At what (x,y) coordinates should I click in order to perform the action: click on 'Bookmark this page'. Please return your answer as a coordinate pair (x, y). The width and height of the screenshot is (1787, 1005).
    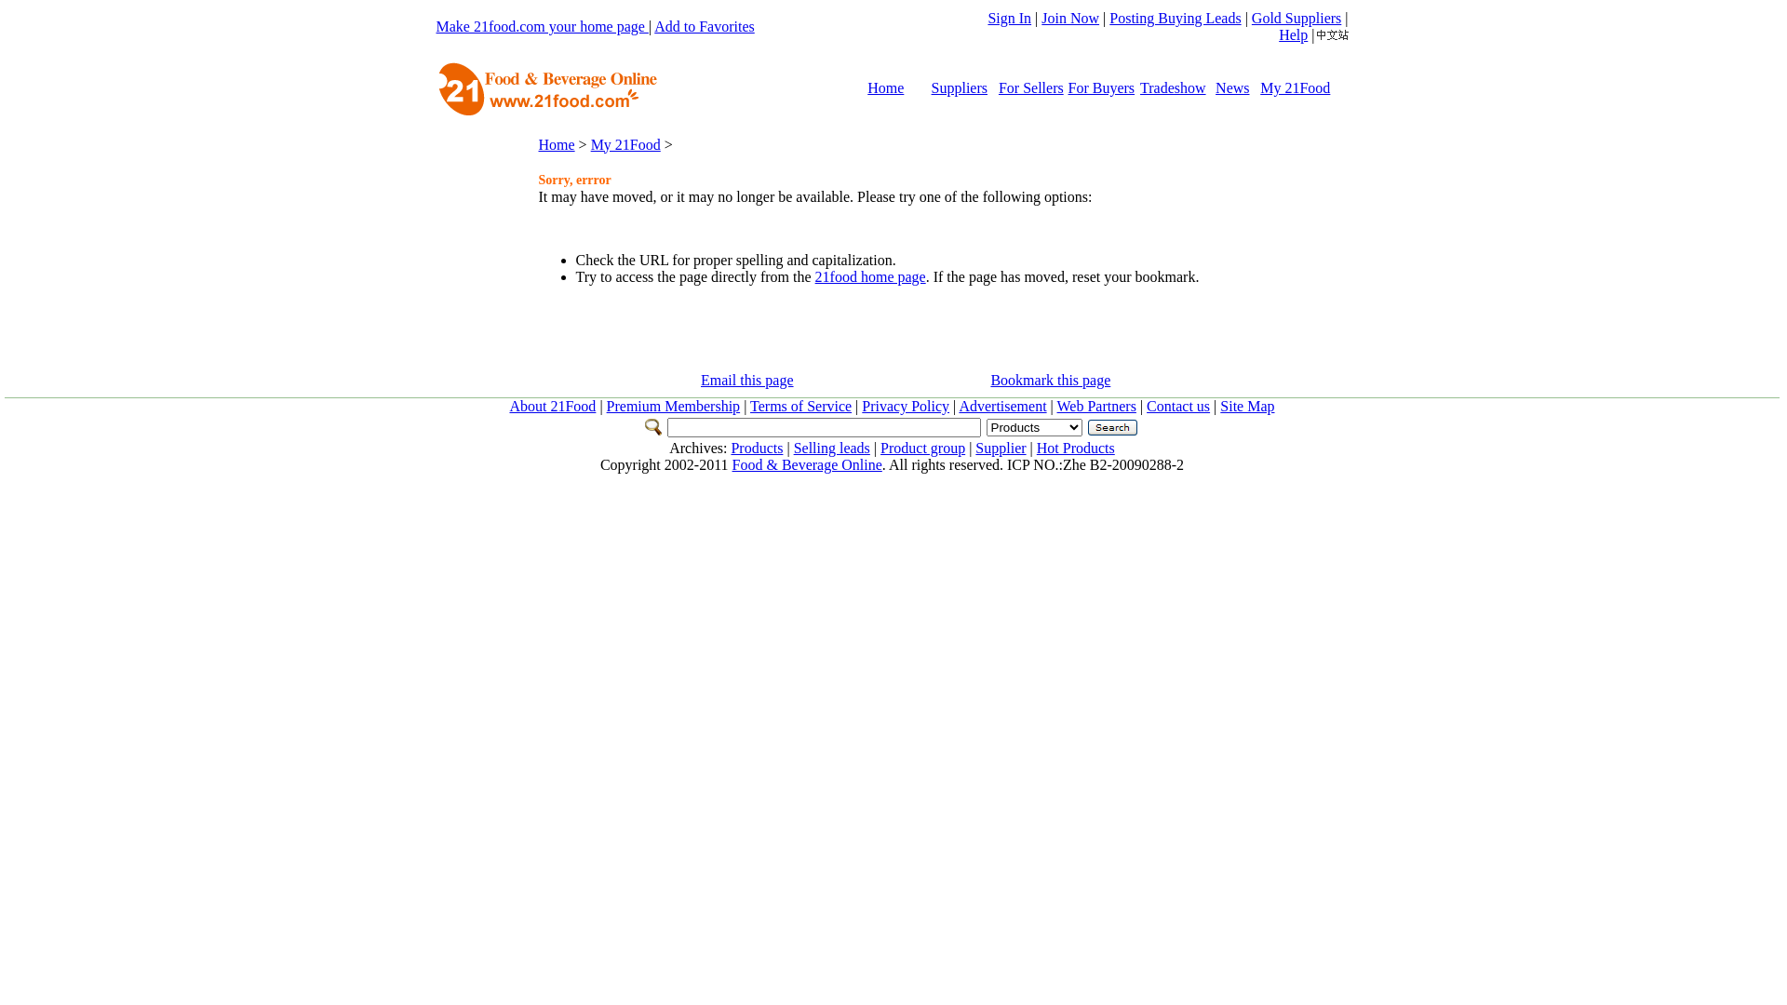
    Looking at the image, I should click on (1050, 379).